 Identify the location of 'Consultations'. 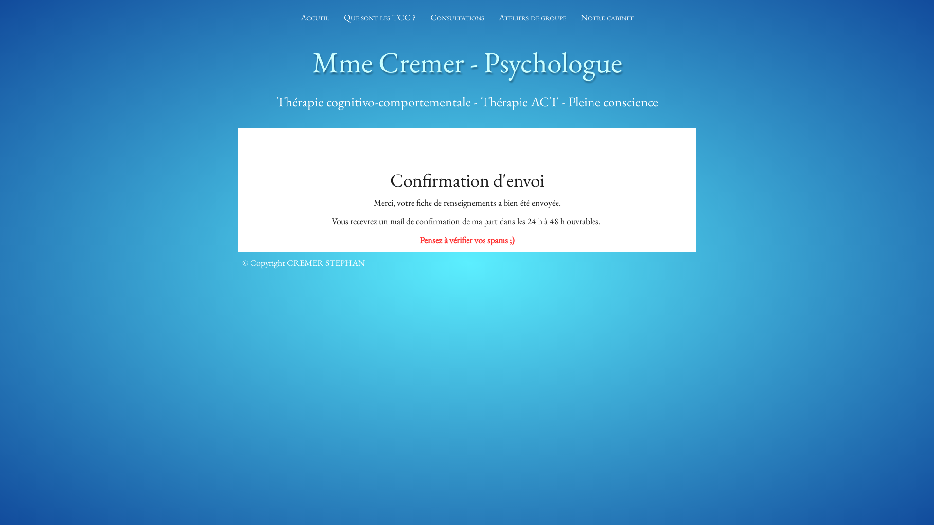
(457, 17).